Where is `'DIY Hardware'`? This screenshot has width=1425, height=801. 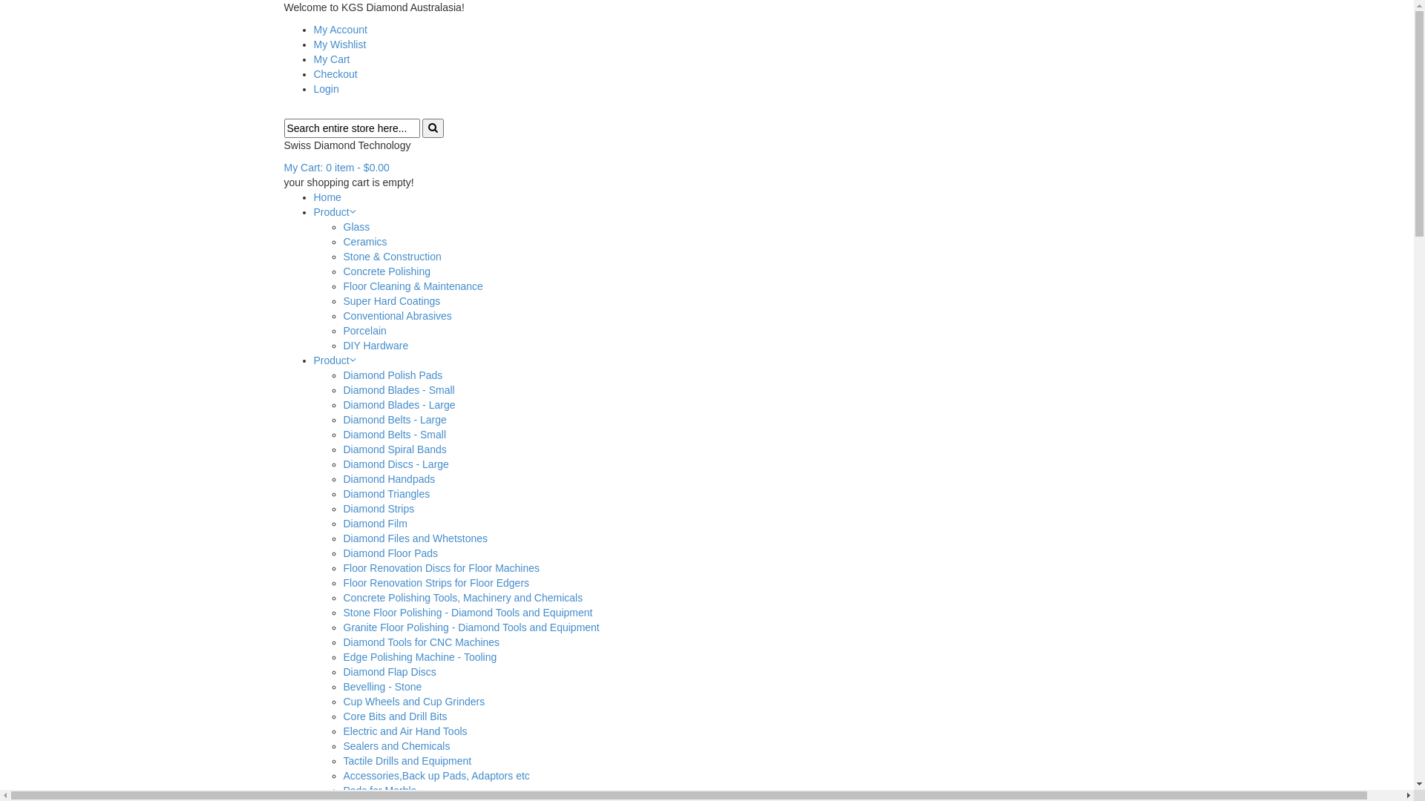
'DIY Hardware' is located at coordinates (375, 346).